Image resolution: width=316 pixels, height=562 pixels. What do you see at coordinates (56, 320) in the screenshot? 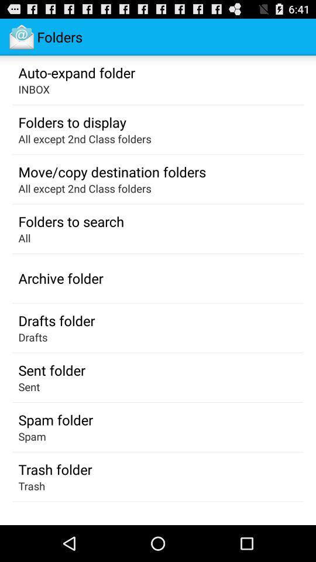
I see `the drafts folder item` at bounding box center [56, 320].